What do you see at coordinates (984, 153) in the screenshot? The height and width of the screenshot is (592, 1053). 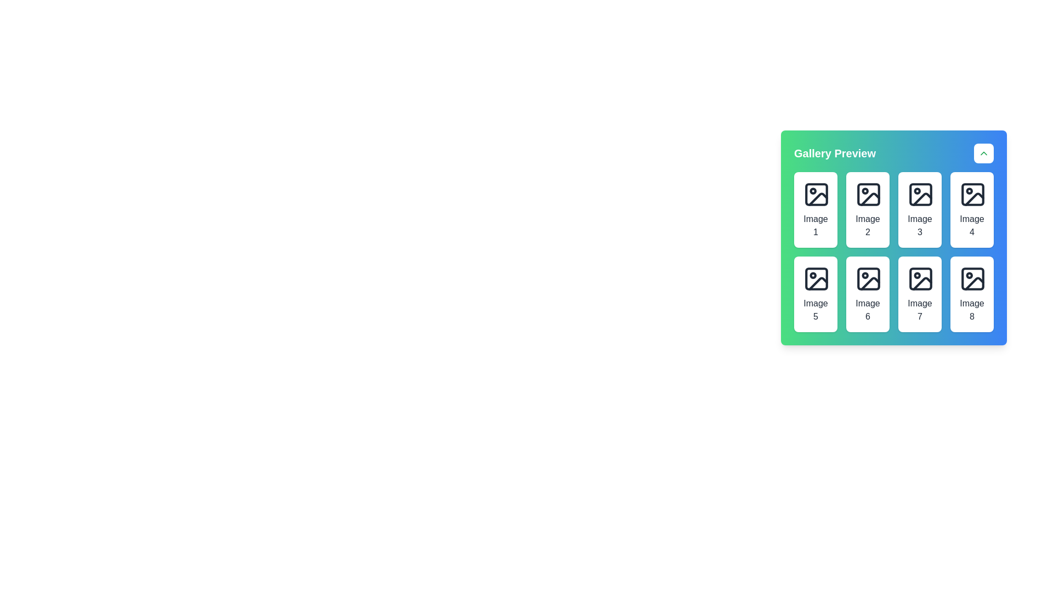 I see `the interactive button located in the top-right corner of the 'Gallery Preview' section` at bounding box center [984, 153].